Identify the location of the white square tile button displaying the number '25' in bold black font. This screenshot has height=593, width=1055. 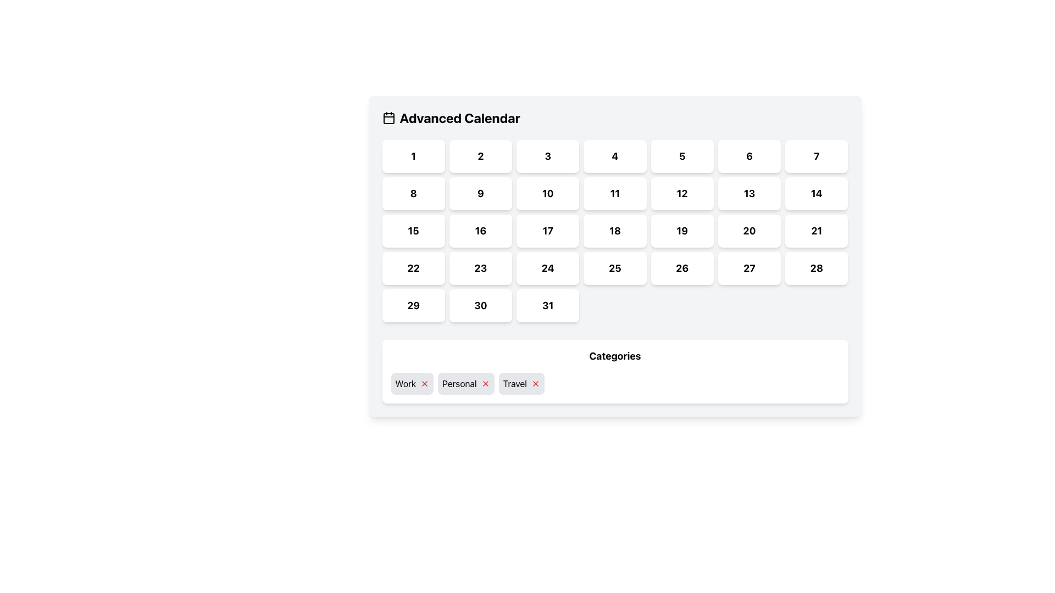
(614, 268).